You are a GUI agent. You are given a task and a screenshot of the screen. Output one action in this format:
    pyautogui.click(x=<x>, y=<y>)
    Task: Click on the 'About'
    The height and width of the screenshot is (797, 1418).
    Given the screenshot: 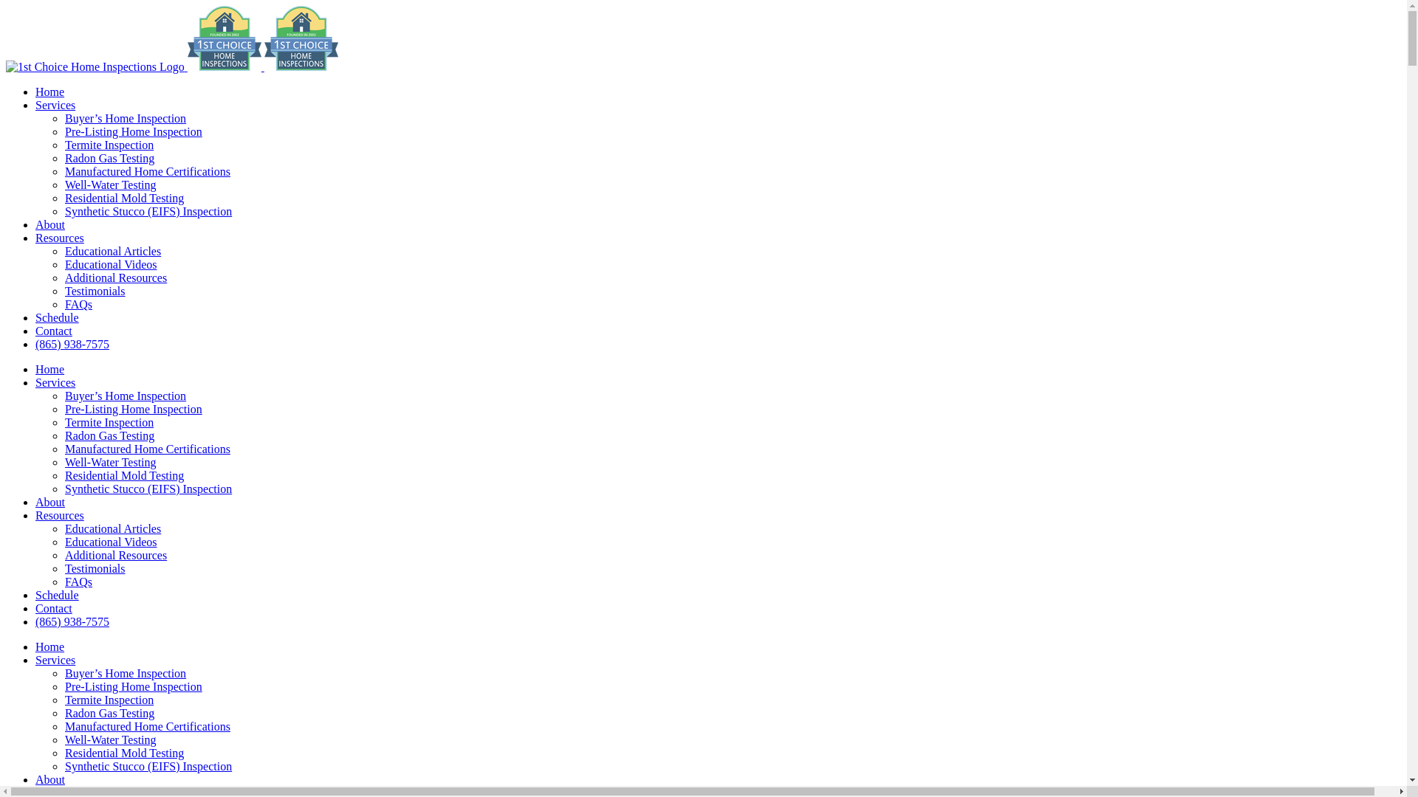 What is the action you would take?
    pyautogui.click(x=49, y=501)
    